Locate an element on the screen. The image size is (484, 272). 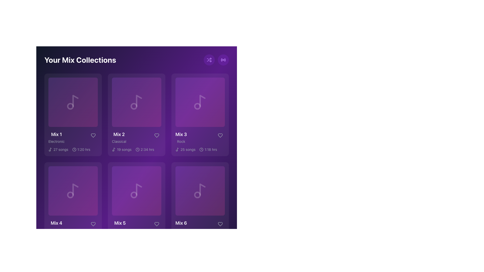
the decorative icon located at the center of the 'Mix 5' card, which is the fifth card in a 2x3 grid of mix cards is located at coordinates (137, 191).